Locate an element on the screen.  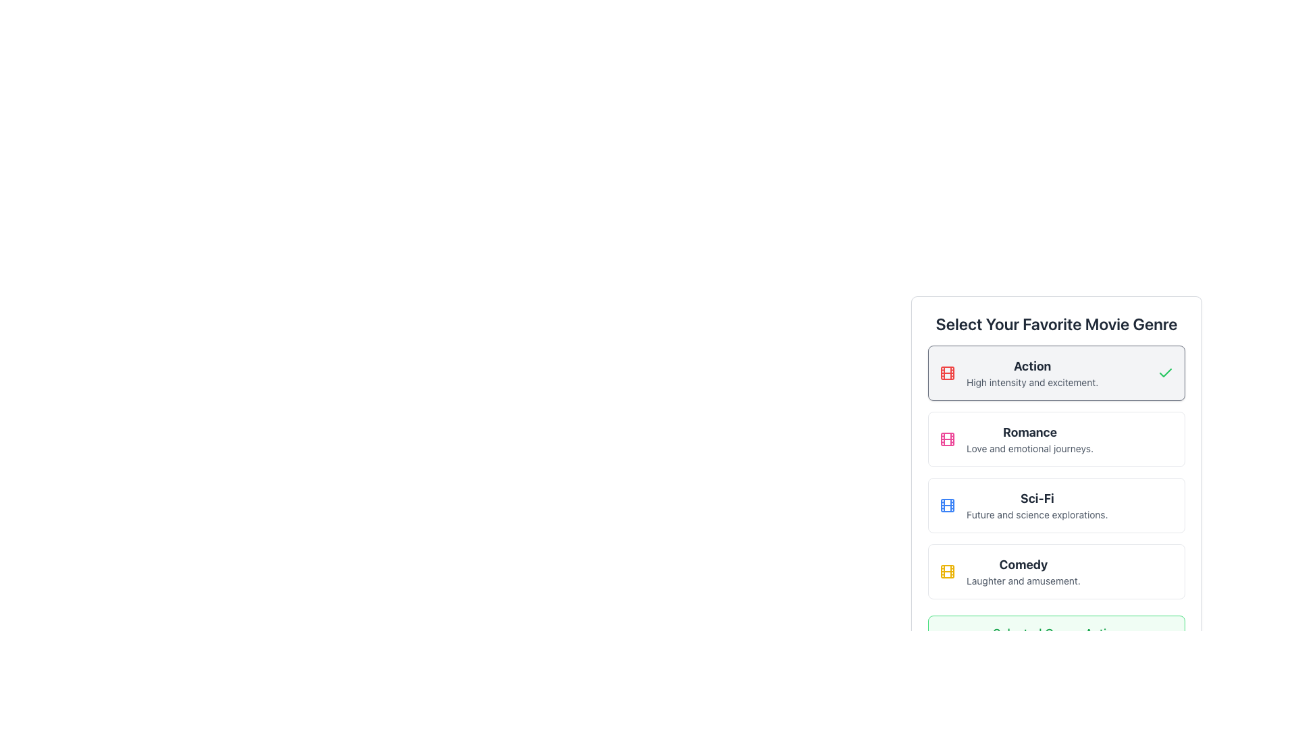
the static text label reading 'Laughter and amusement' located below the bold text 'Comedy' in the selectable card layout for movie genres is located at coordinates (1023, 580).